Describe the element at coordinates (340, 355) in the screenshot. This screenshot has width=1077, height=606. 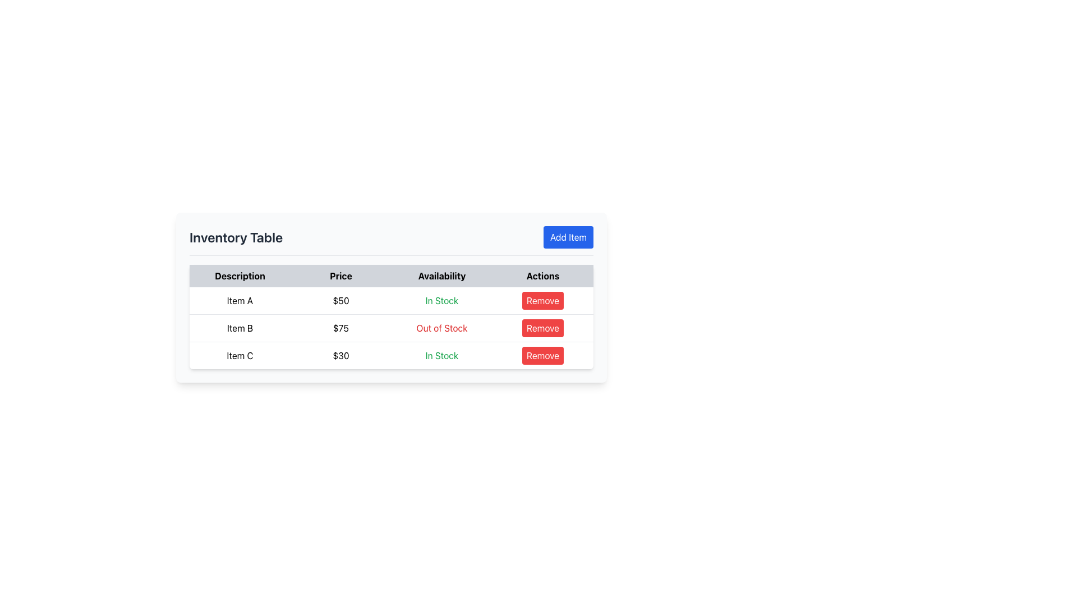
I see `the static text displaying the price of the item in the third row of the 'Inventory Table', located under the 'Price' column` at that location.